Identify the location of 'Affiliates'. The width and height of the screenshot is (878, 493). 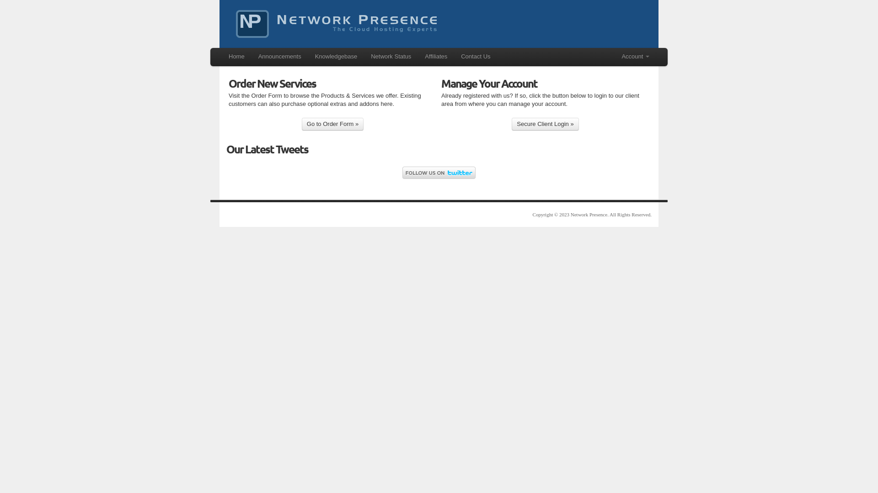
(435, 57).